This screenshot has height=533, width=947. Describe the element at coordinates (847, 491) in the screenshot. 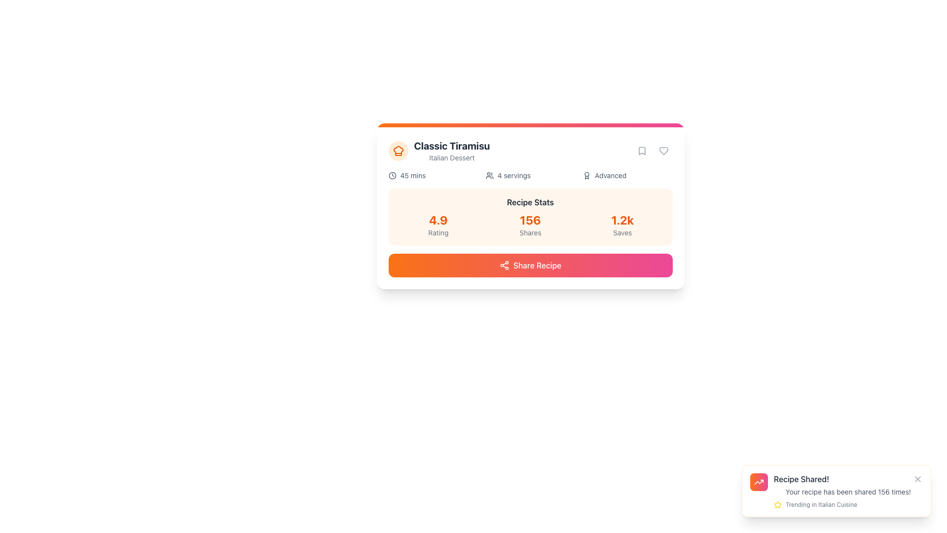

I see `the 'Recipe Shared!' notification card section located in the bottom-right corner of the interface` at that location.